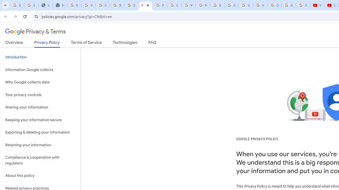 The image size is (339, 190). I want to click on 'Sign In - USA TODAY', so click(45, 5).